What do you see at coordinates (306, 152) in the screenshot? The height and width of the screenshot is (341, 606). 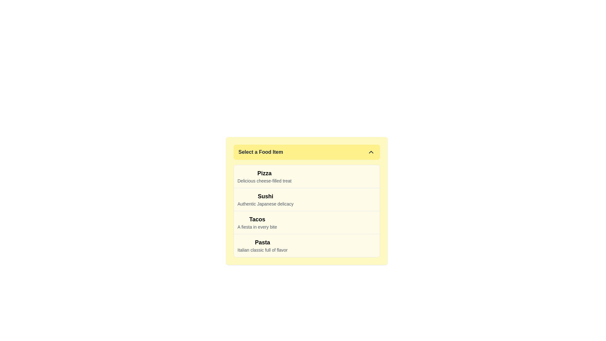 I see `the Dropdown Button at the top of the food menu card layout to interact with the keyboard` at bounding box center [306, 152].